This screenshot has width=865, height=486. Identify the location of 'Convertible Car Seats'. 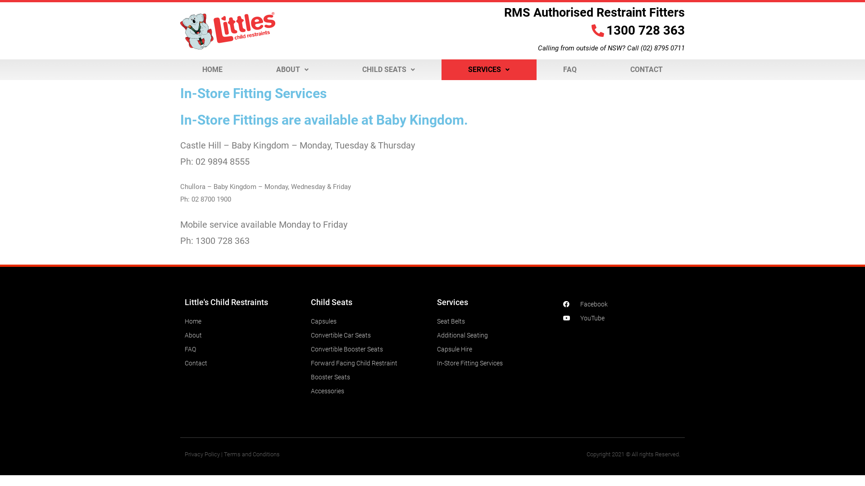
(369, 335).